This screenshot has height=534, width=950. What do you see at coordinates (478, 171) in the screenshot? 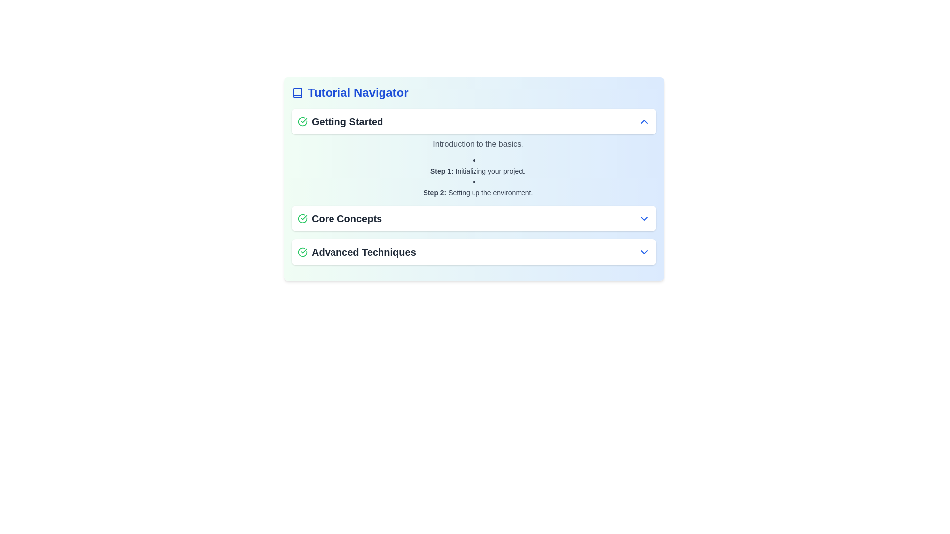
I see `the text label displaying 'Step 1: Initializing your project.' which is part of the 'Getting Started' section in the 'Tutorial Navigator' interface` at bounding box center [478, 171].